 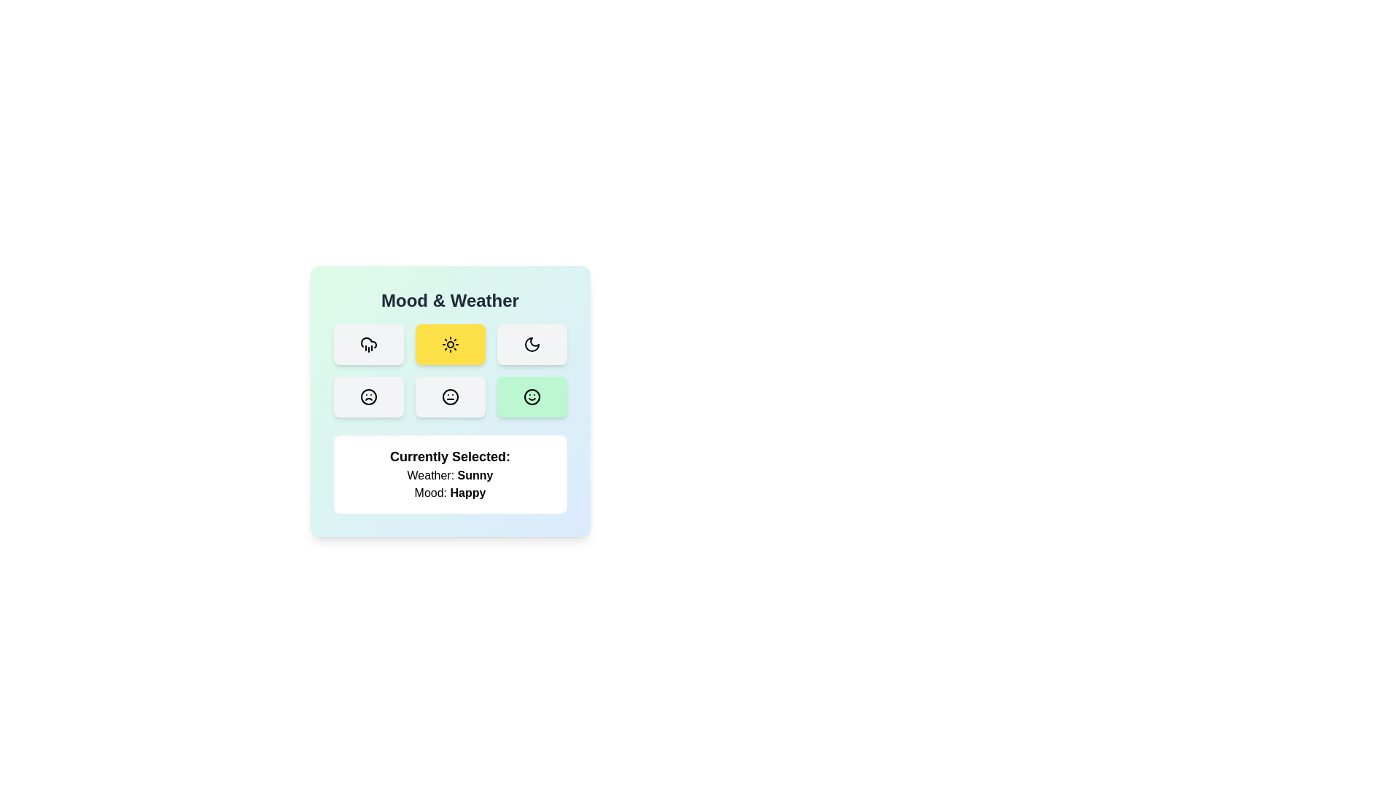 What do you see at coordinates (531, 396) in the screenshot?
I see `the button labeled 'Mood & Weather' which has a light green background and features a black circle with a stylized happy smiley face icon, positioned as the third item in the second row of a 3x2 grid layout` at bounding box center [531, 396].